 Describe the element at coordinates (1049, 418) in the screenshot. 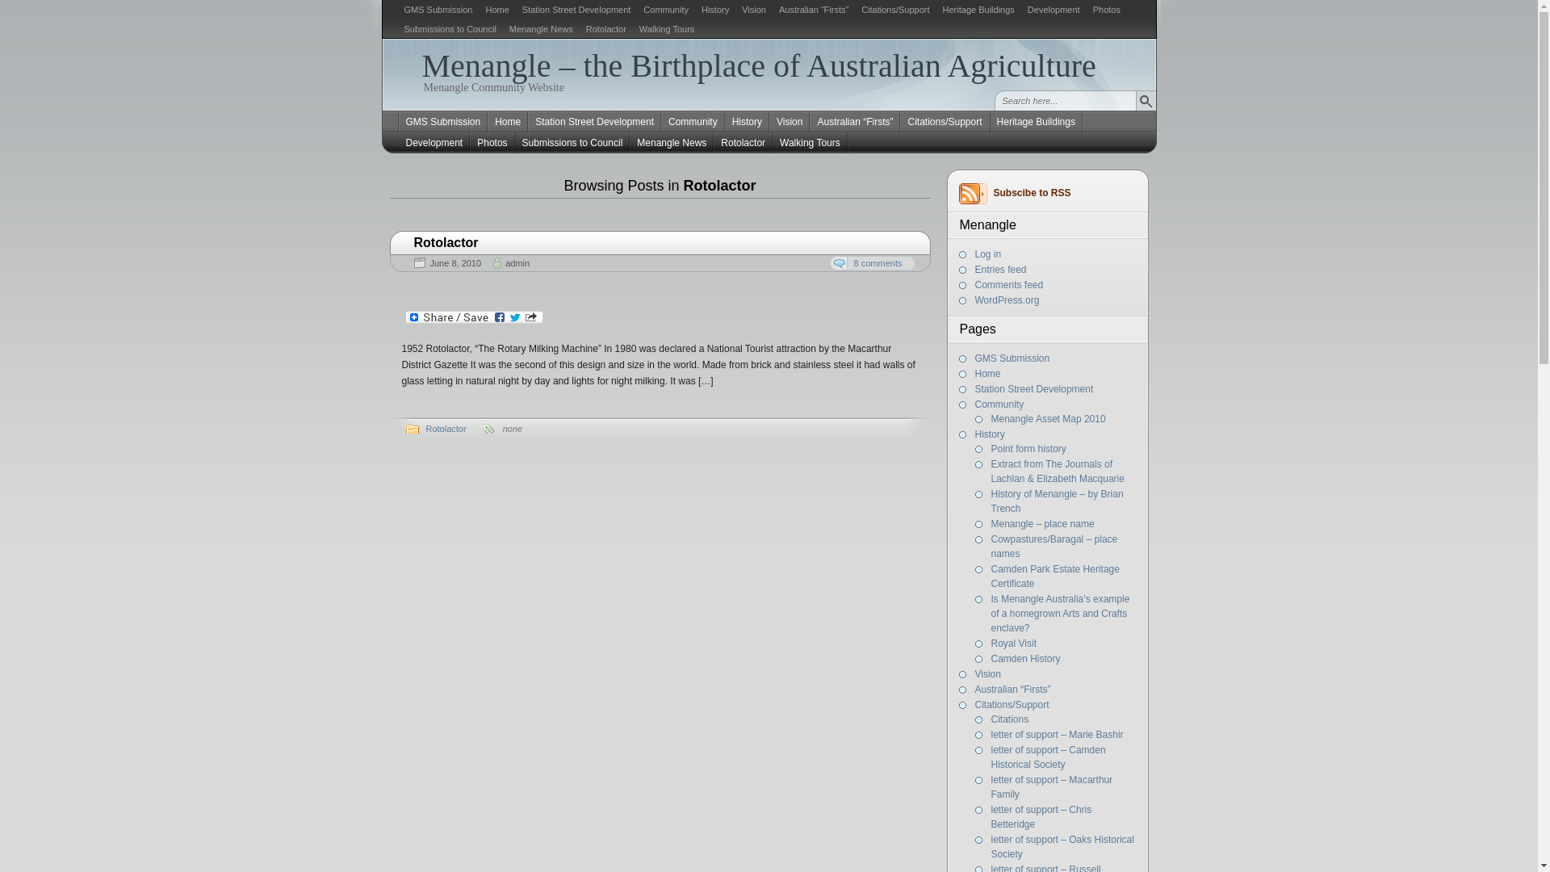

I see `'Menangle Asset Map 2010'` at that location.